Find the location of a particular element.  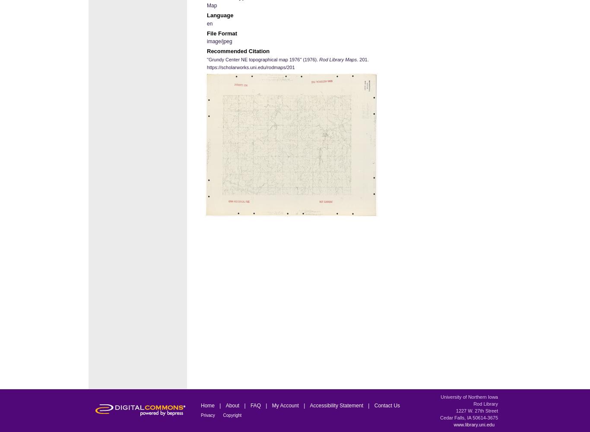

'en' is located at coordinates (209, 23).